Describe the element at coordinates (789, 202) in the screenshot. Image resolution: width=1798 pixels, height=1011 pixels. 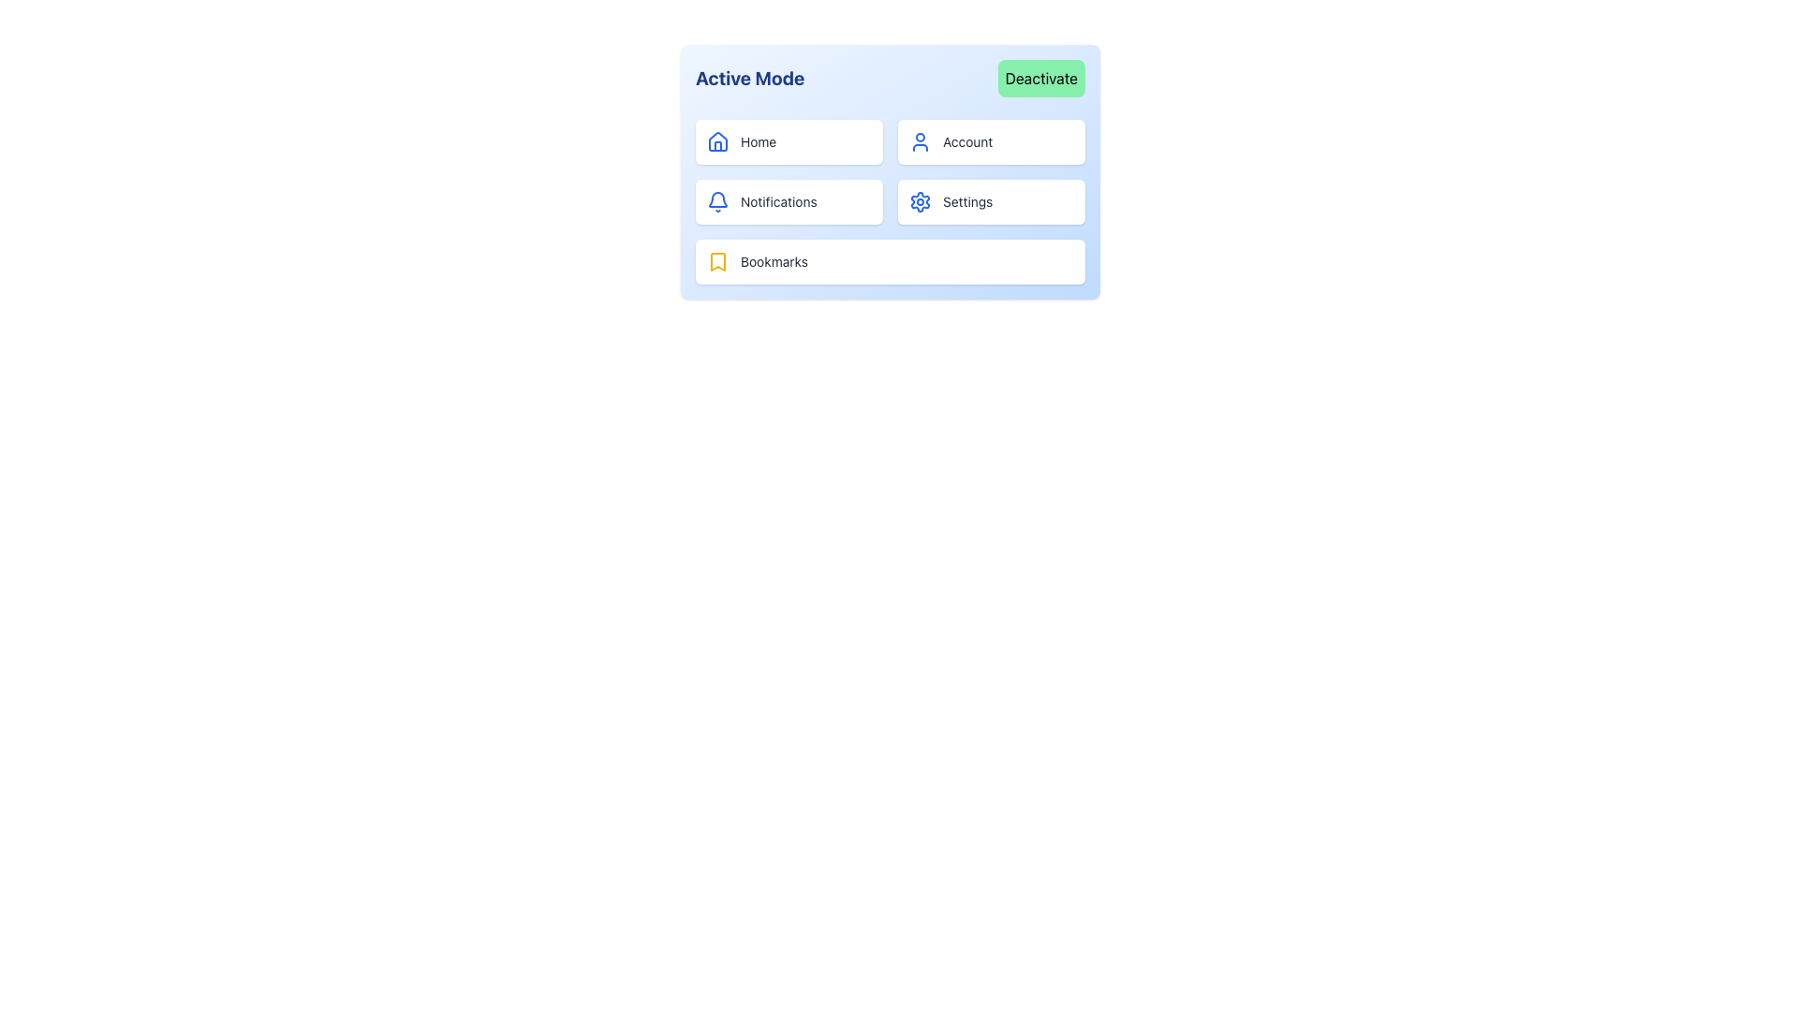
I see `the Button-like interactive card for accessing notifications, which is located below the 'Home' card and to the left of the 'Settings' card in the grid layout` at that location.